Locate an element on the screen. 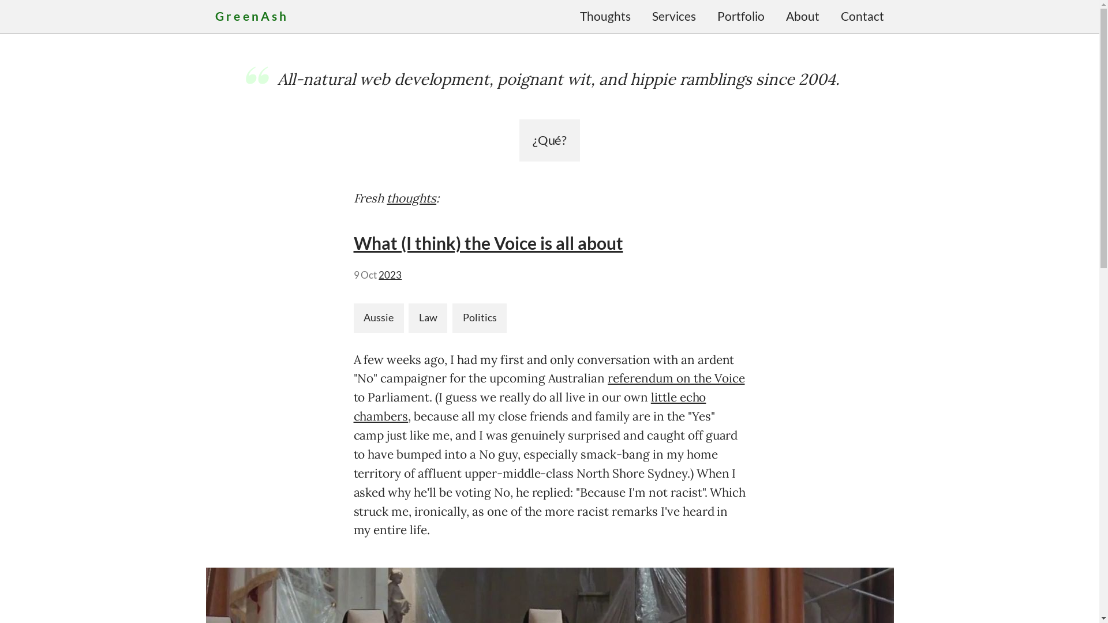 The width and height of the screenshot is (1108, 623). '2023' is located at coordinates (390, 275).